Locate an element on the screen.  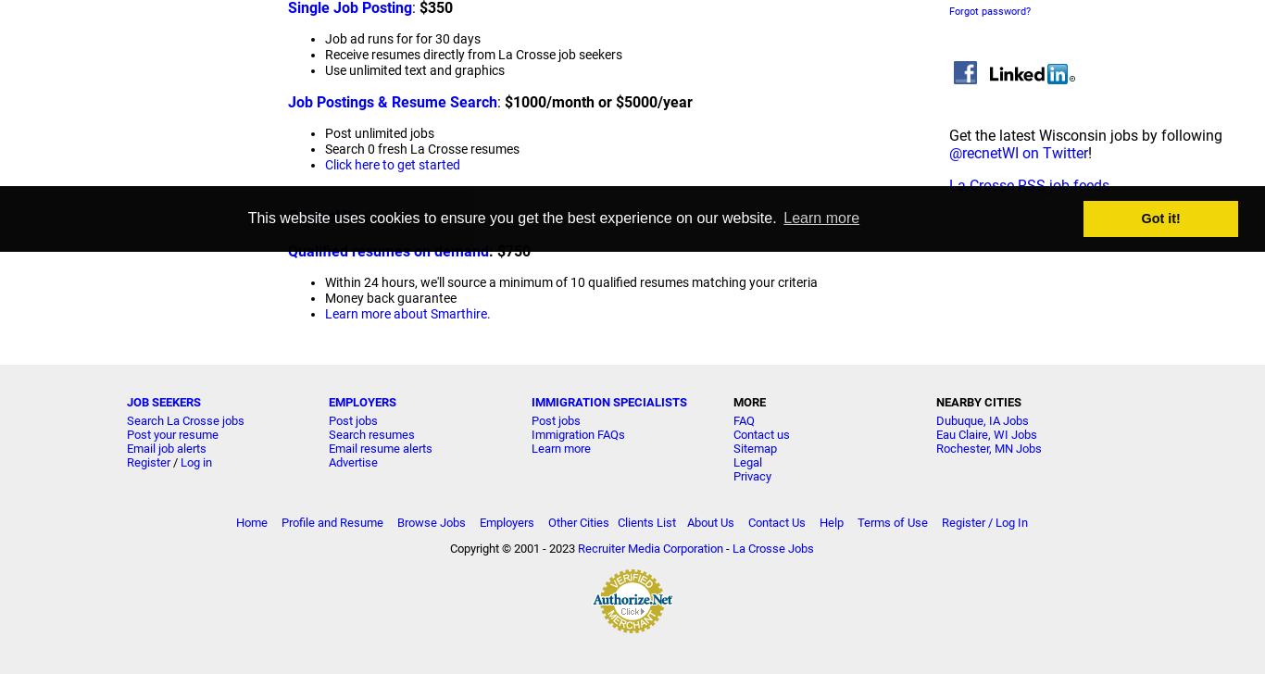
'Post your resume' is located at coordinates (170, 433).